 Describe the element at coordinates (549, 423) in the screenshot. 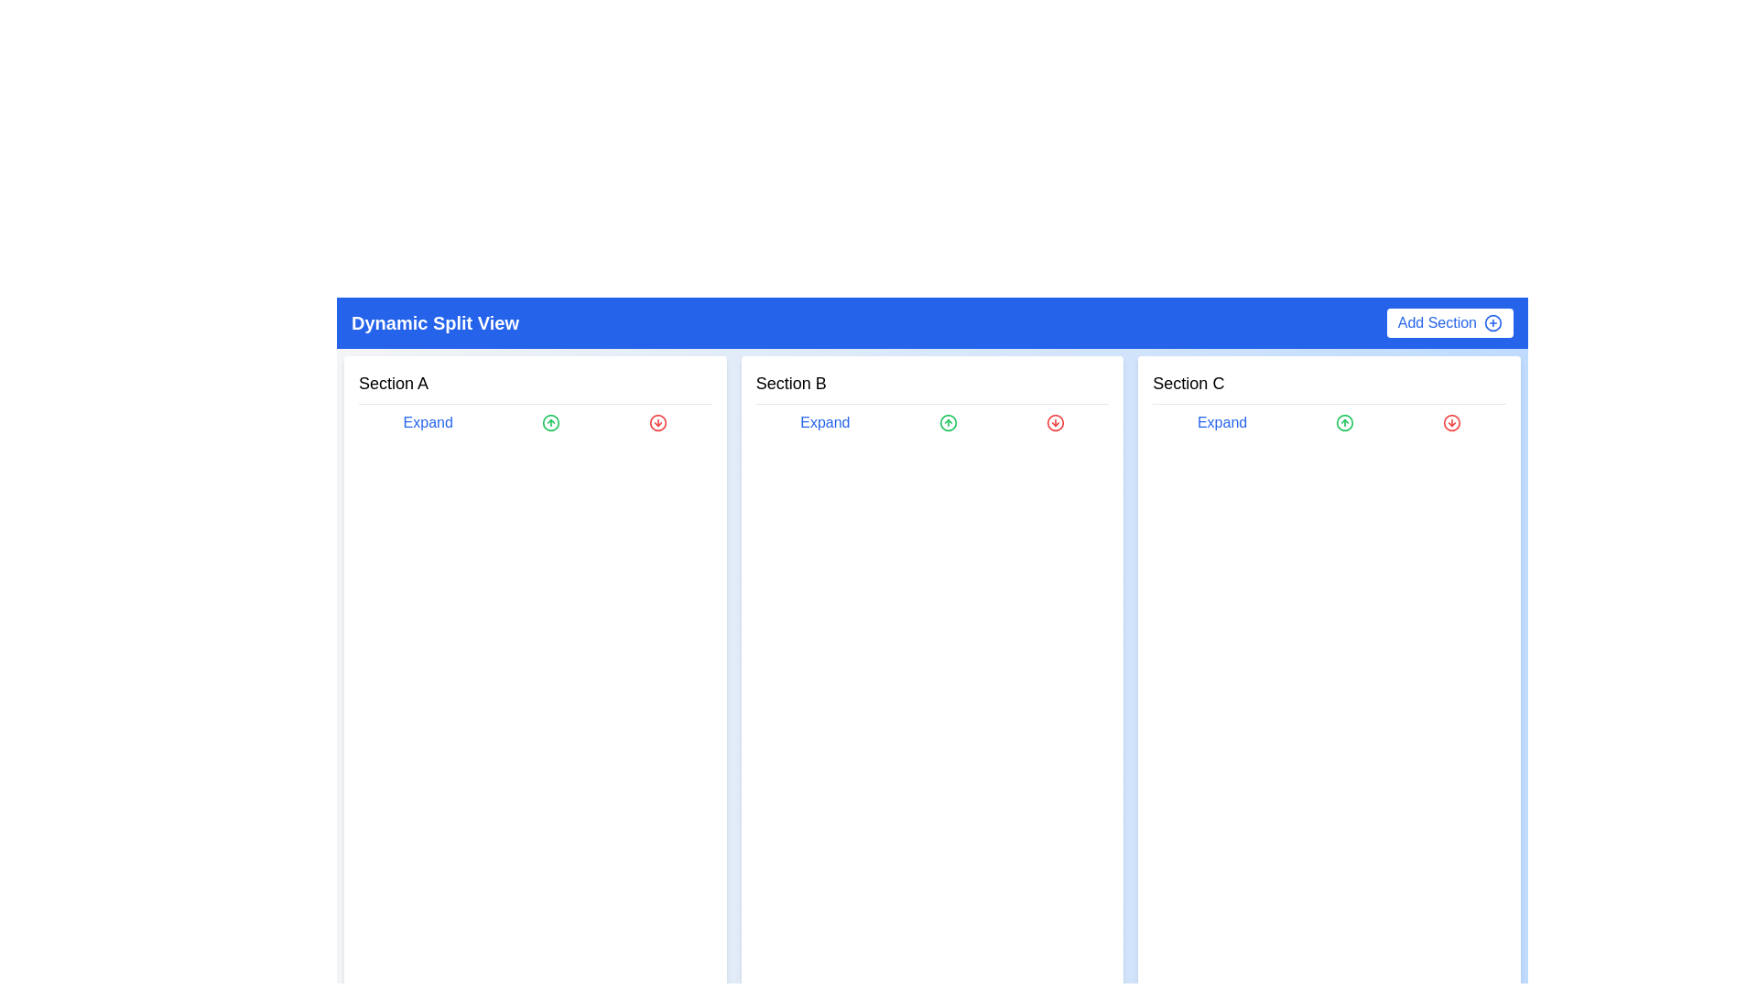

I see `the circular green icon with an upward arrow, located between the 'Expand' text and the downward arrow icon, to receive feedback` at that location.